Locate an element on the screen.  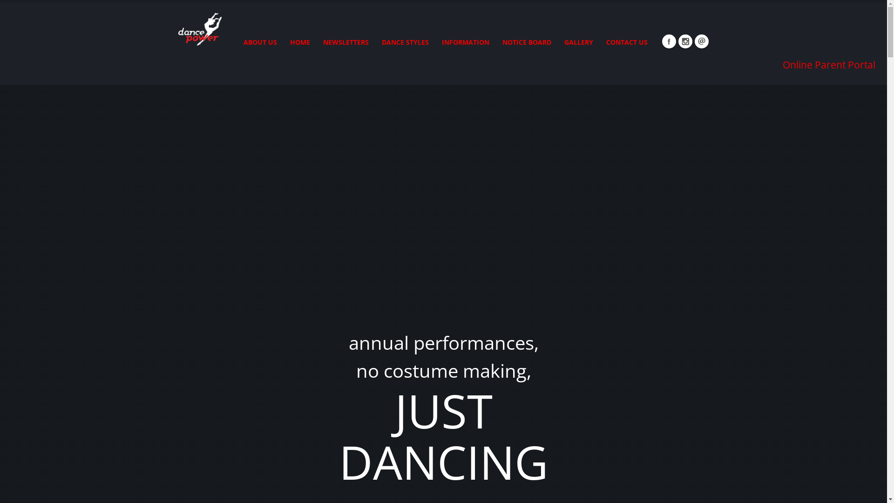
'Dance Power' is located at coordinates (199, 27).